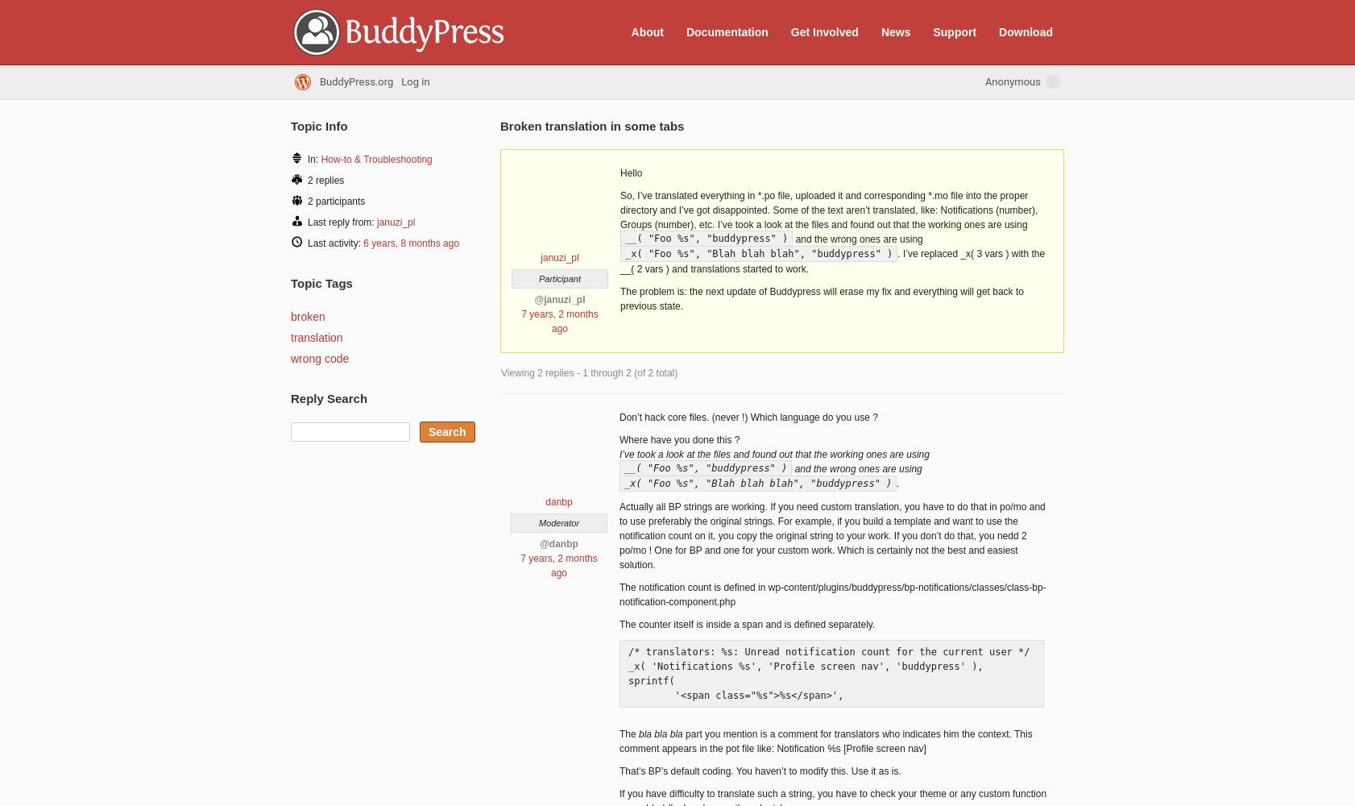 The height and width of the screenshot is (806, 1355). I want to click on '2 replies', so click(325, 180).